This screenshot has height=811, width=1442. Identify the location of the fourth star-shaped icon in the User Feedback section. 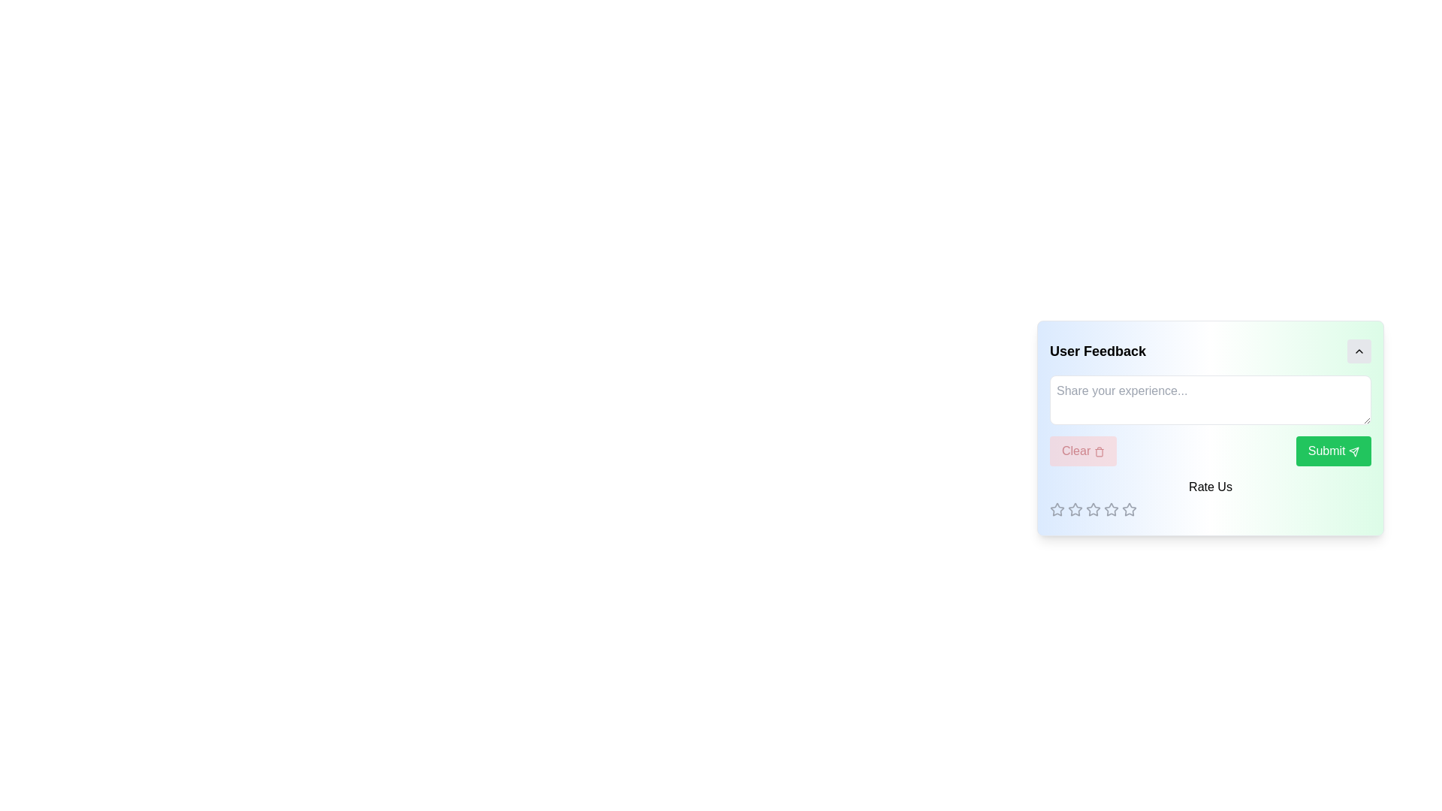
(1093, 508).